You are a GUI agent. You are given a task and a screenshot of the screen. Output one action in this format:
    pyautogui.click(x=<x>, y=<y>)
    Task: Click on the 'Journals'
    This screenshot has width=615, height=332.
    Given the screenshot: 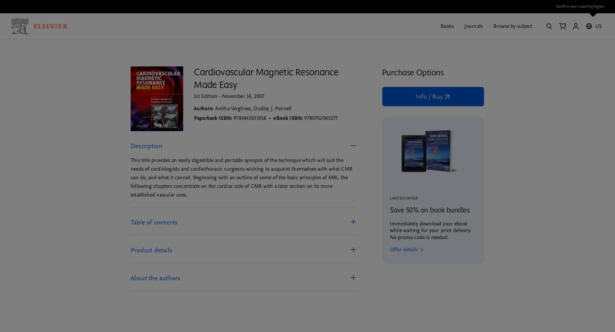 What is the action you would take?
    pyautogui.click(x=473, y=26)
    